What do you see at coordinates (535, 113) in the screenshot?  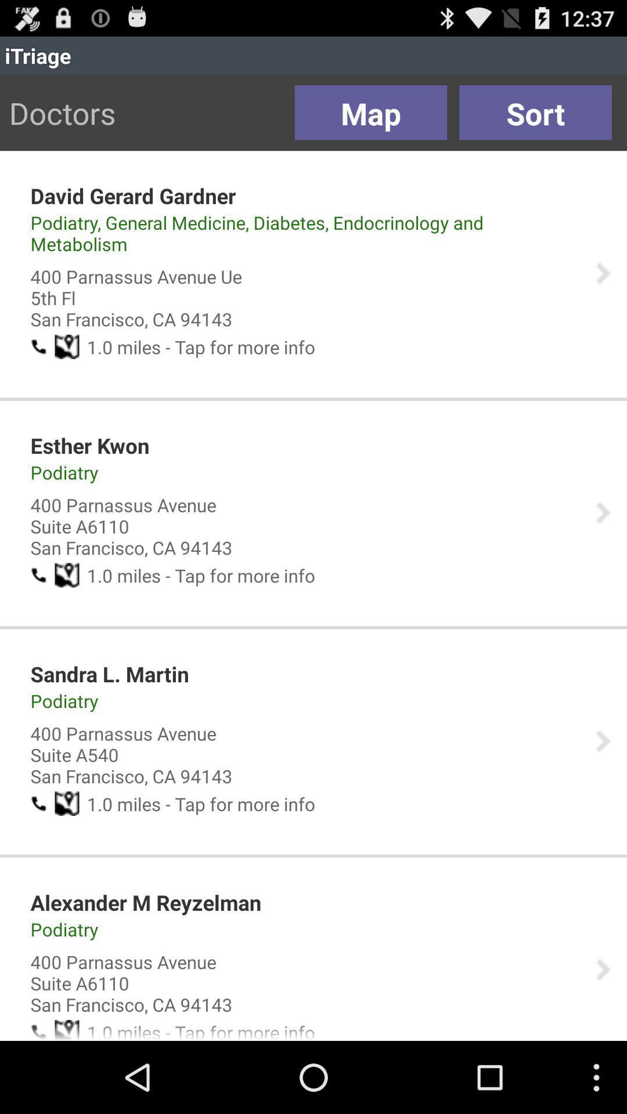 I see `sort icon` at bounding box center [535, 113].